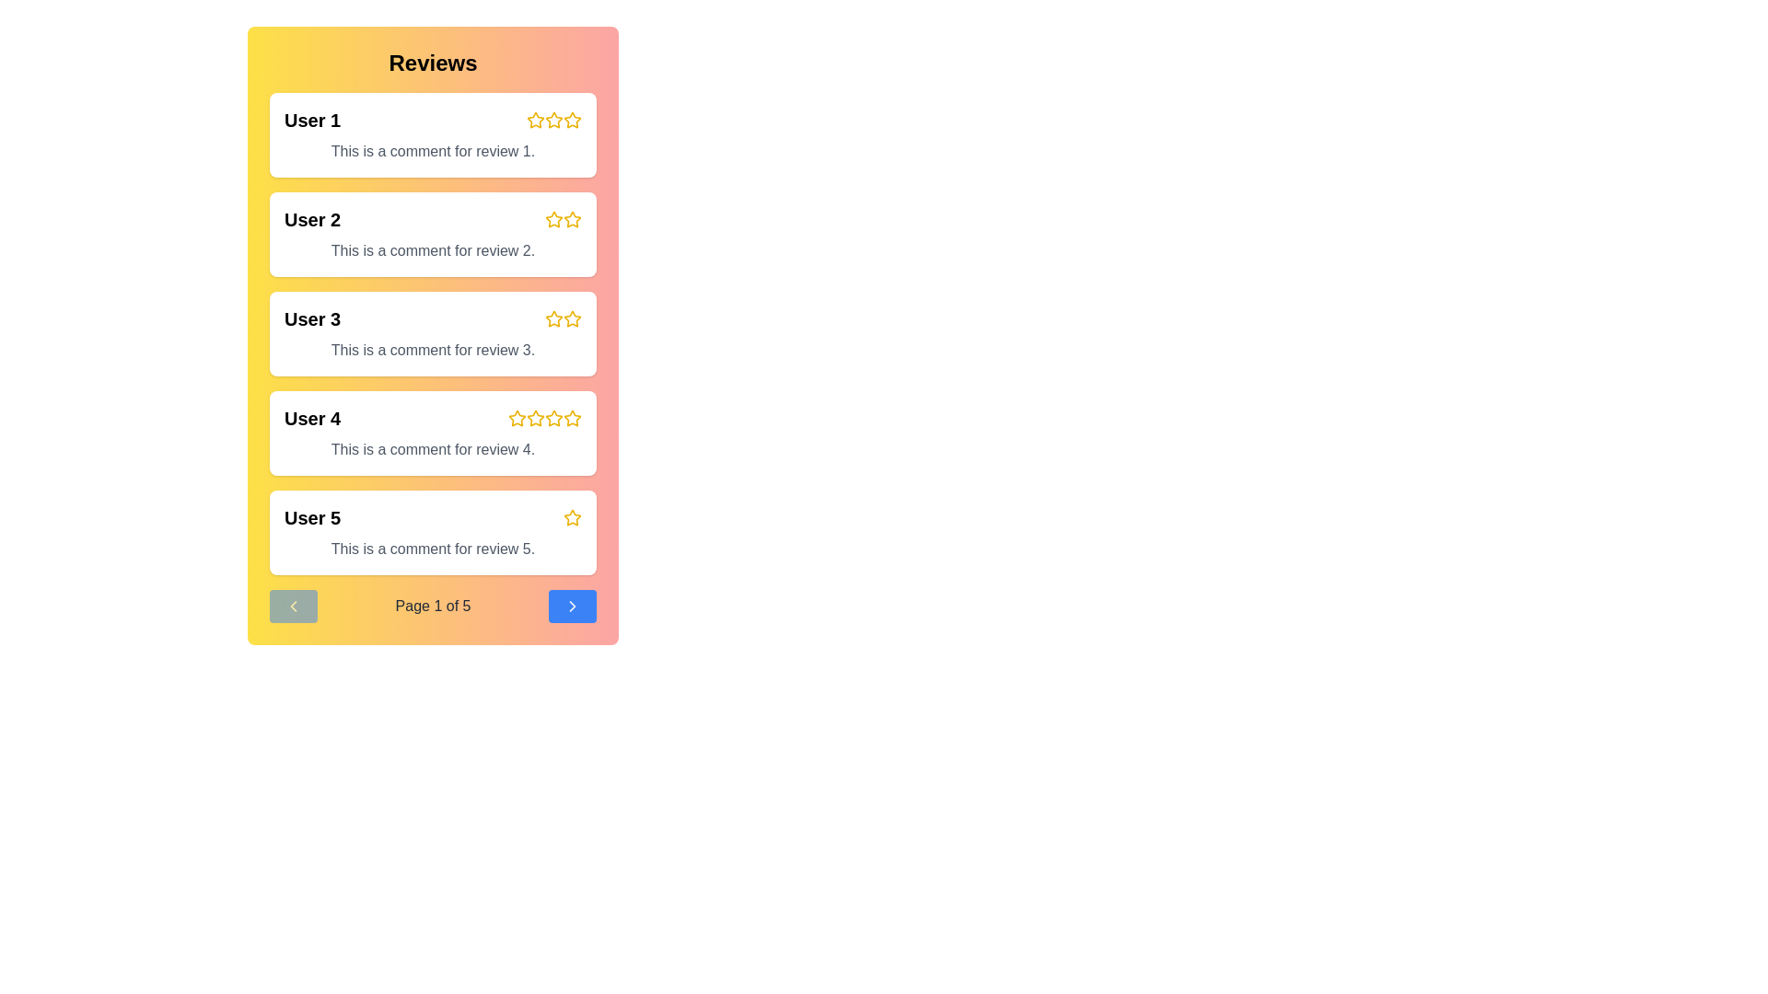  I want to click on the third golden star icon in the review section for 'User 3's review, which is styled in a modern geometric manner, so click(572, 318).